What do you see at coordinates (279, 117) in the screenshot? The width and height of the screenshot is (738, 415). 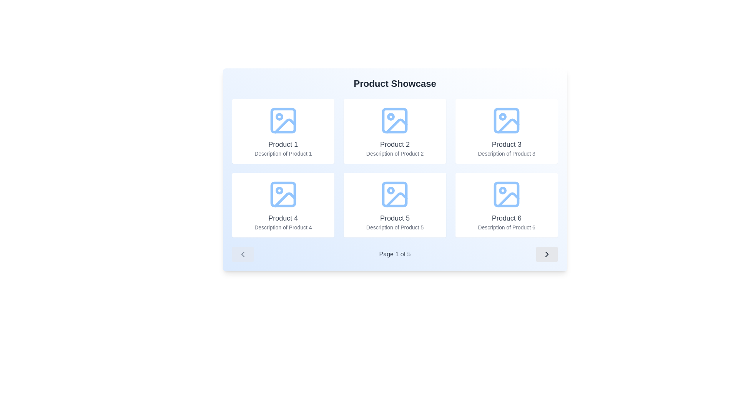 I see `the small circular dot located within the icon graphic of the first product in the grid, which is near the top-left corner` at bounding box center [279, 117].